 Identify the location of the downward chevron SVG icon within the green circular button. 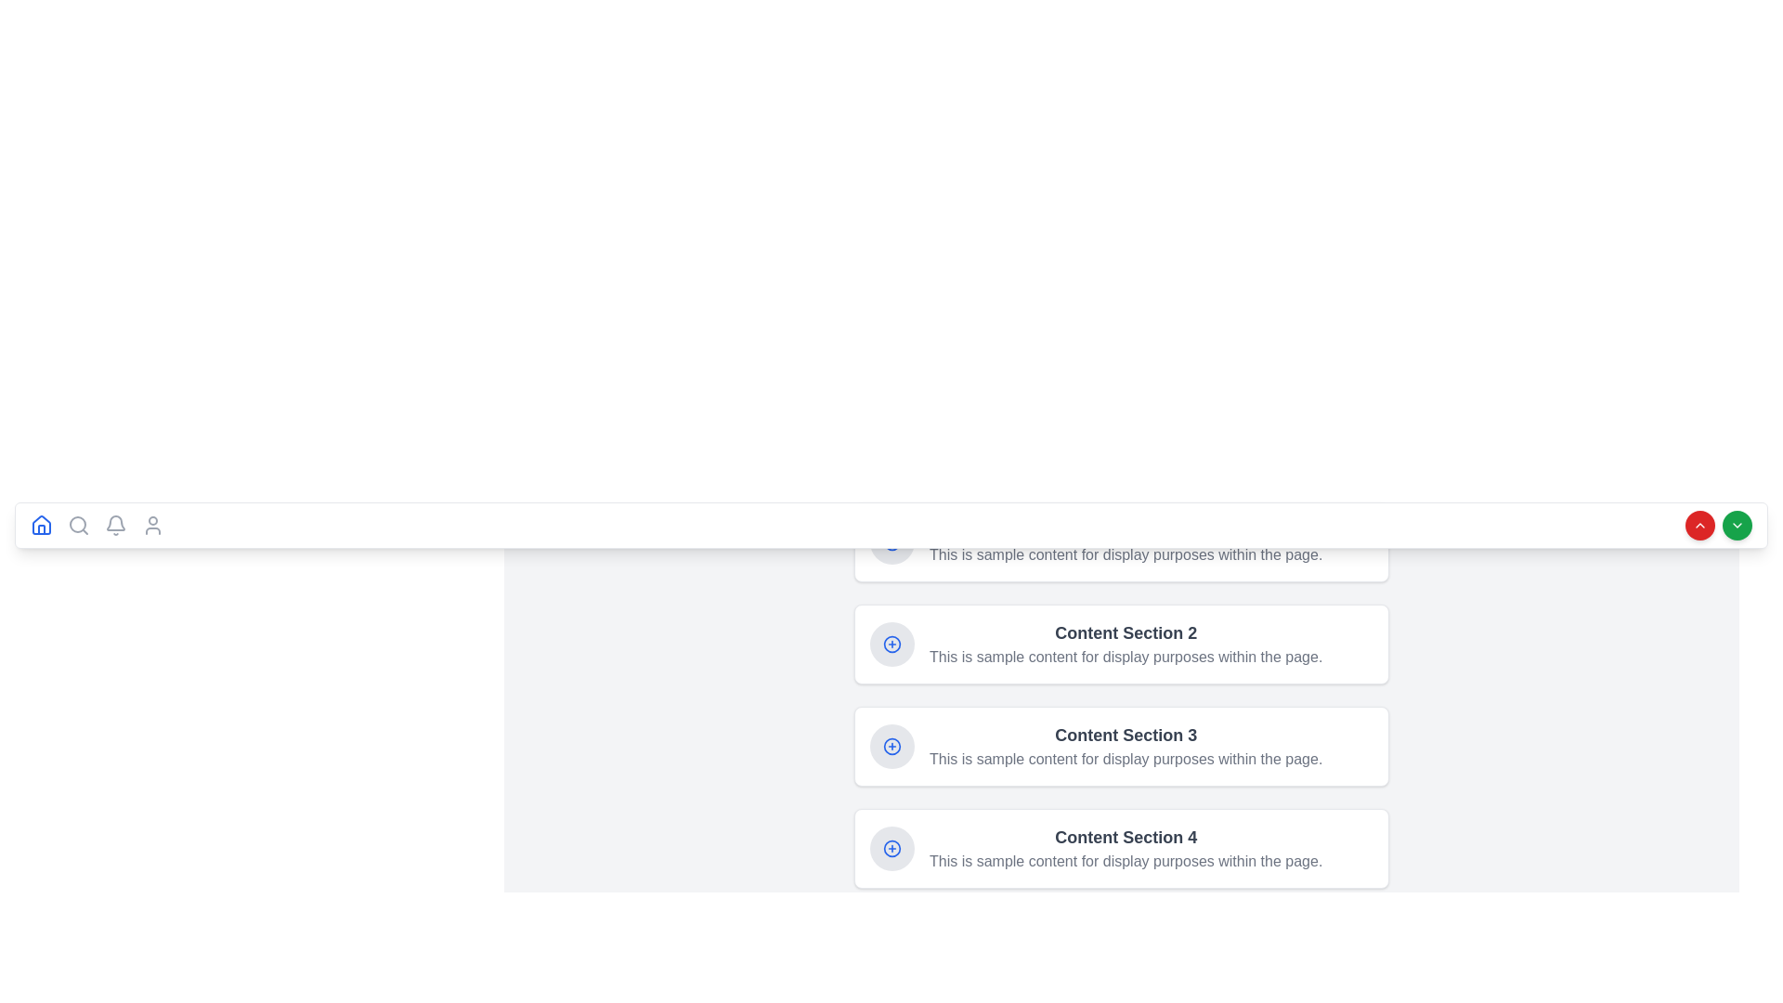
(1737, 526).